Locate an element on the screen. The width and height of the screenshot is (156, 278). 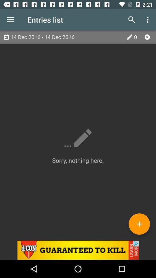
d-con advertisement is located at coordinates (78, 250).